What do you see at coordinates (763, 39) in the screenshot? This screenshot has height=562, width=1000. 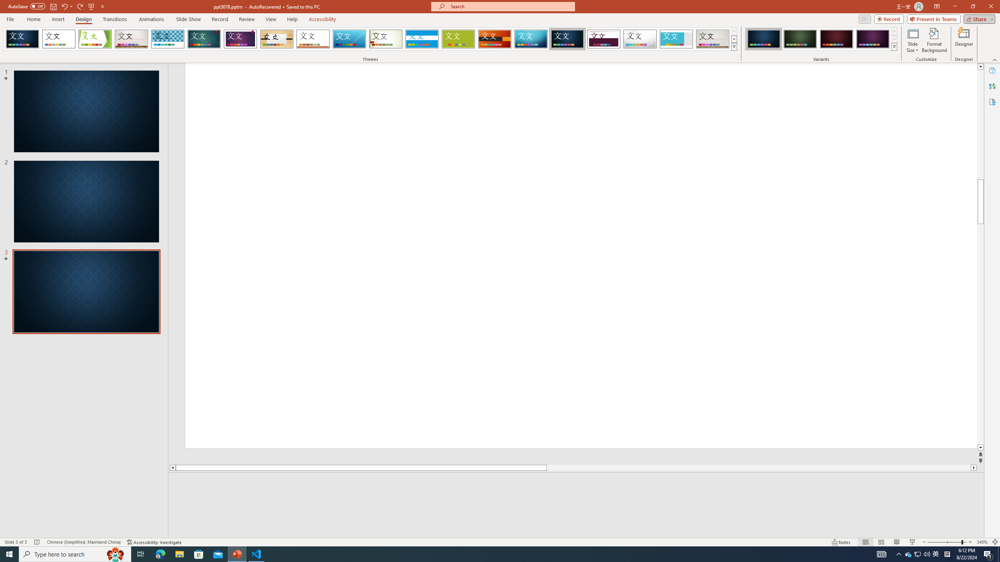 I see `'Damask Variant 1'` at bounding box center [763, 39].